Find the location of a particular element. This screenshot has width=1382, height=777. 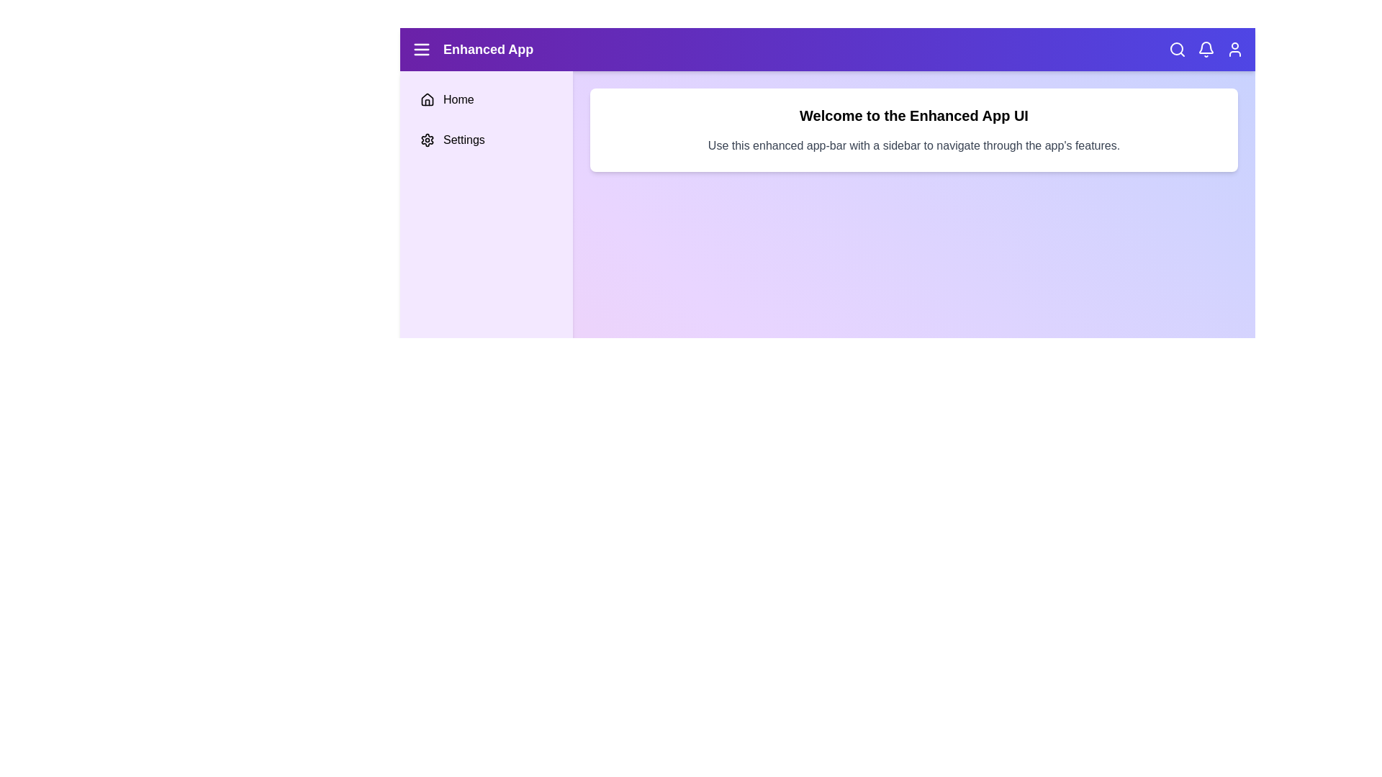

the search icon to initiate a search is located at coordinates (1178, 49).